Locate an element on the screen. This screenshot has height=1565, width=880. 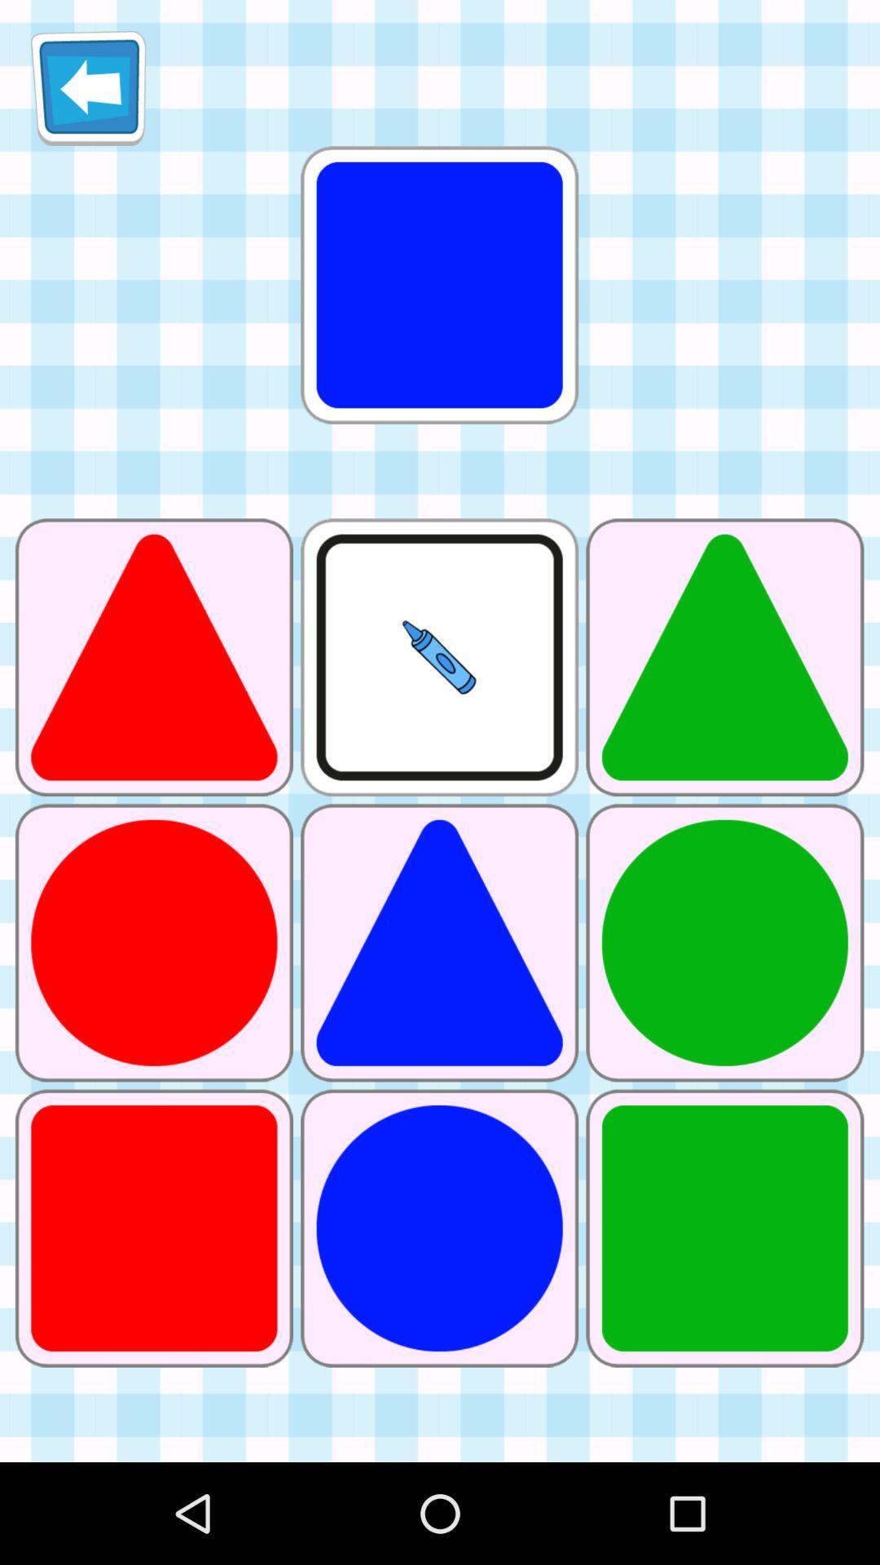
the icon which is to the top left corner of the page is located at coordinates (88, 87).